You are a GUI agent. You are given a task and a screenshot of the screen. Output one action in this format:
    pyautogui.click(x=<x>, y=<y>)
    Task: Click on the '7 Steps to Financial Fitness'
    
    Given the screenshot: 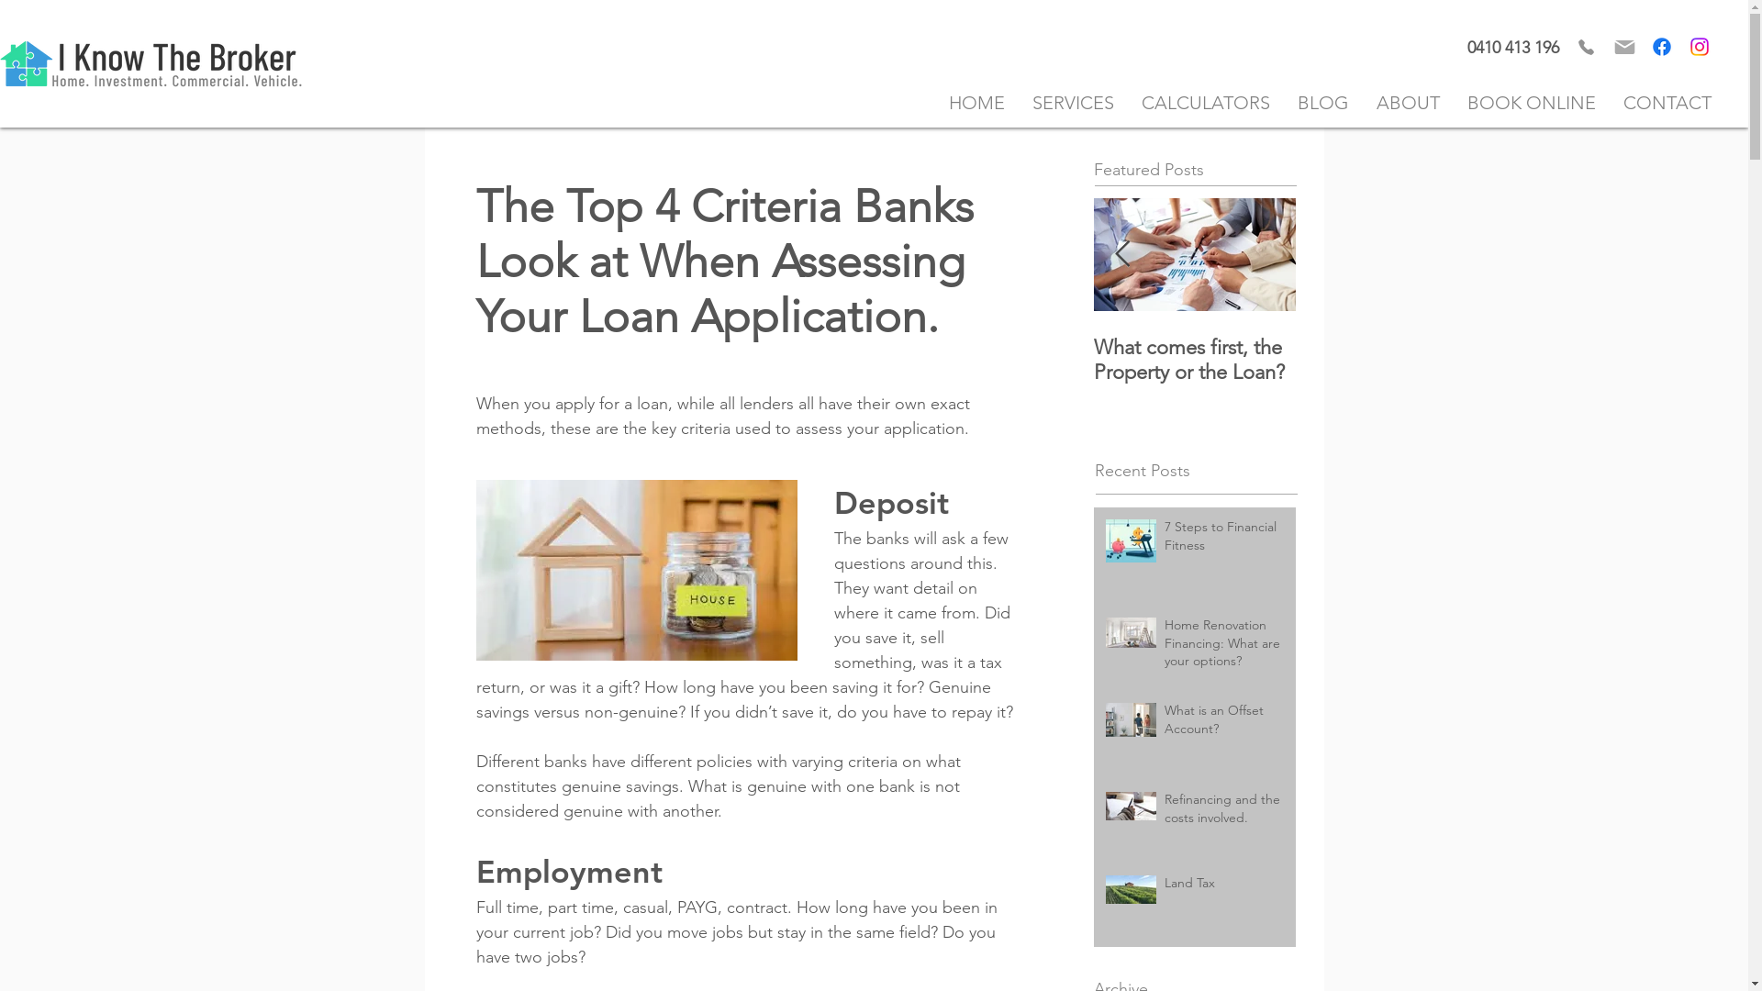 What is the action you would take?
    pyautogui.click(x=1225, y=539)
    